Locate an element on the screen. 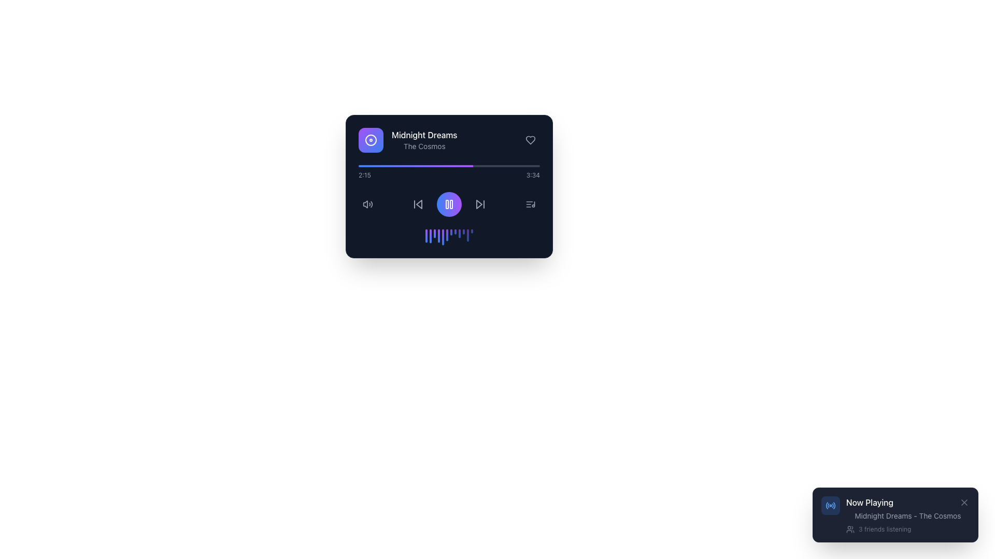 The height and width of the screenshot is (559, 995). playback progress is located at coordinates (387, 165).